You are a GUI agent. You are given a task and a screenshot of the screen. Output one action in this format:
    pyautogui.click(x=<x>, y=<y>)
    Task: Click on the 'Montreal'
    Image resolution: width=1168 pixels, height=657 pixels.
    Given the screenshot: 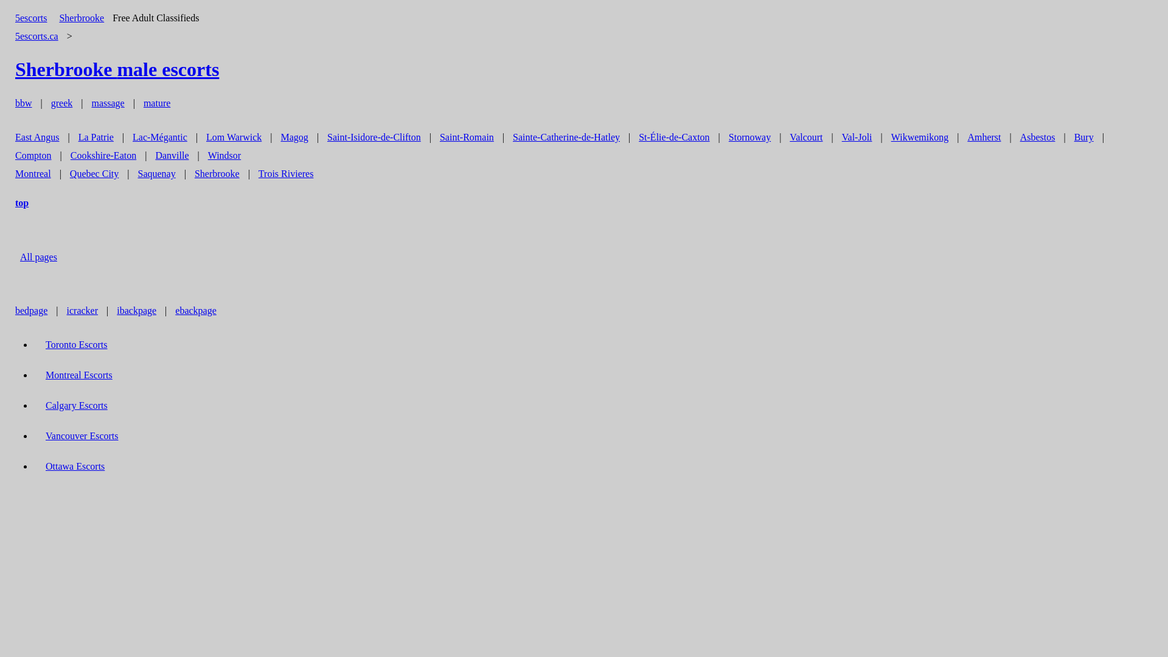 What is the action you would take?
    pyautogui.click(x=33, y=173)
    